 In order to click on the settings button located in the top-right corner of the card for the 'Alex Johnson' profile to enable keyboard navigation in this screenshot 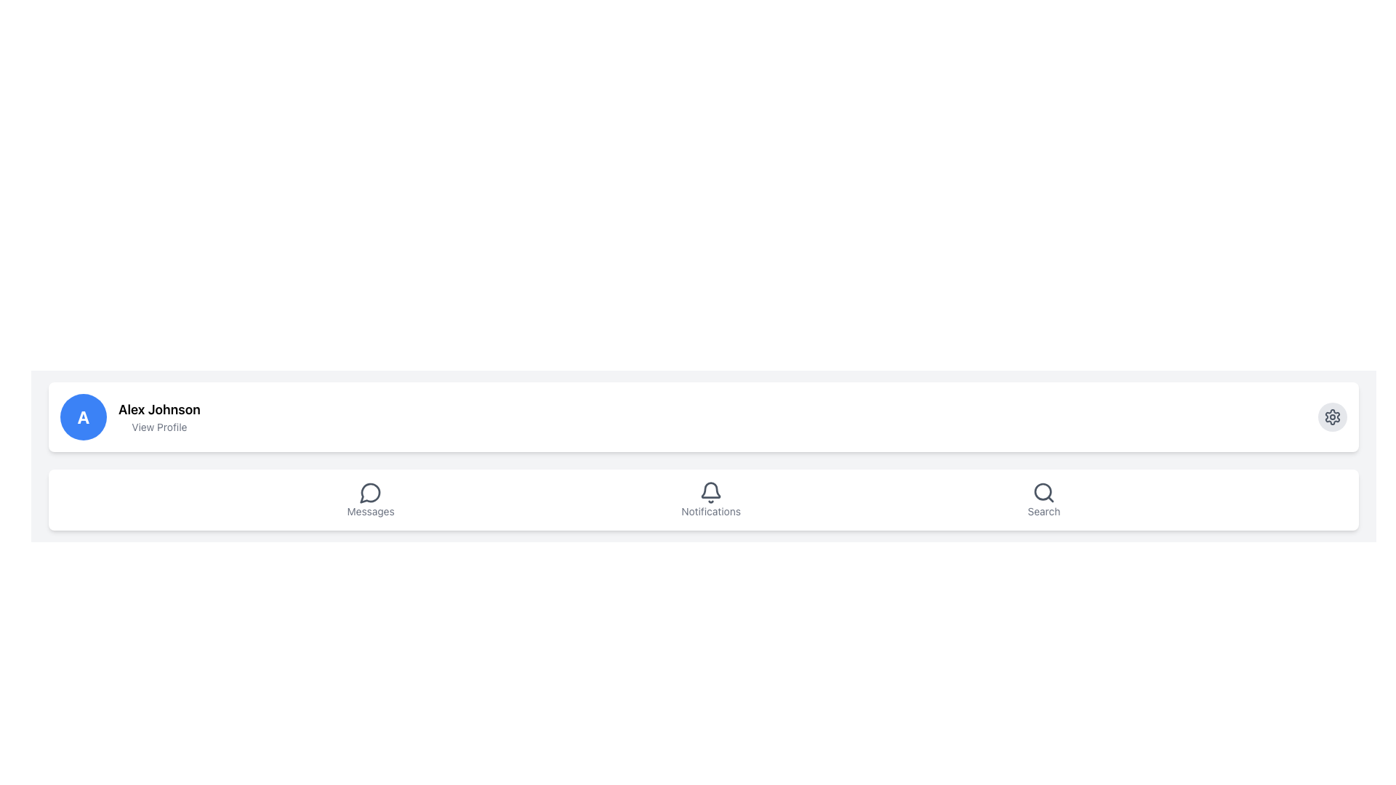, I will do `click(1333, 417)`.